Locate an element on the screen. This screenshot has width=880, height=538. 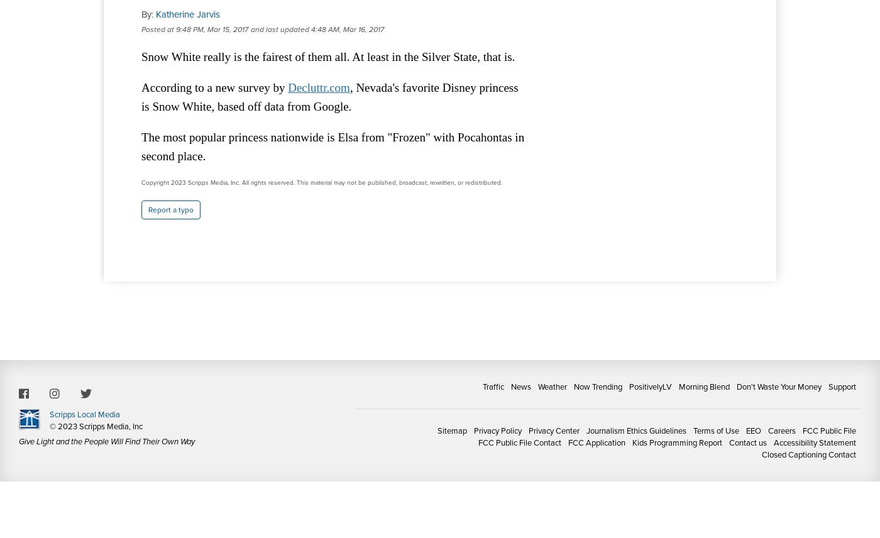
'EEO' is located at coordinates (753, 430).